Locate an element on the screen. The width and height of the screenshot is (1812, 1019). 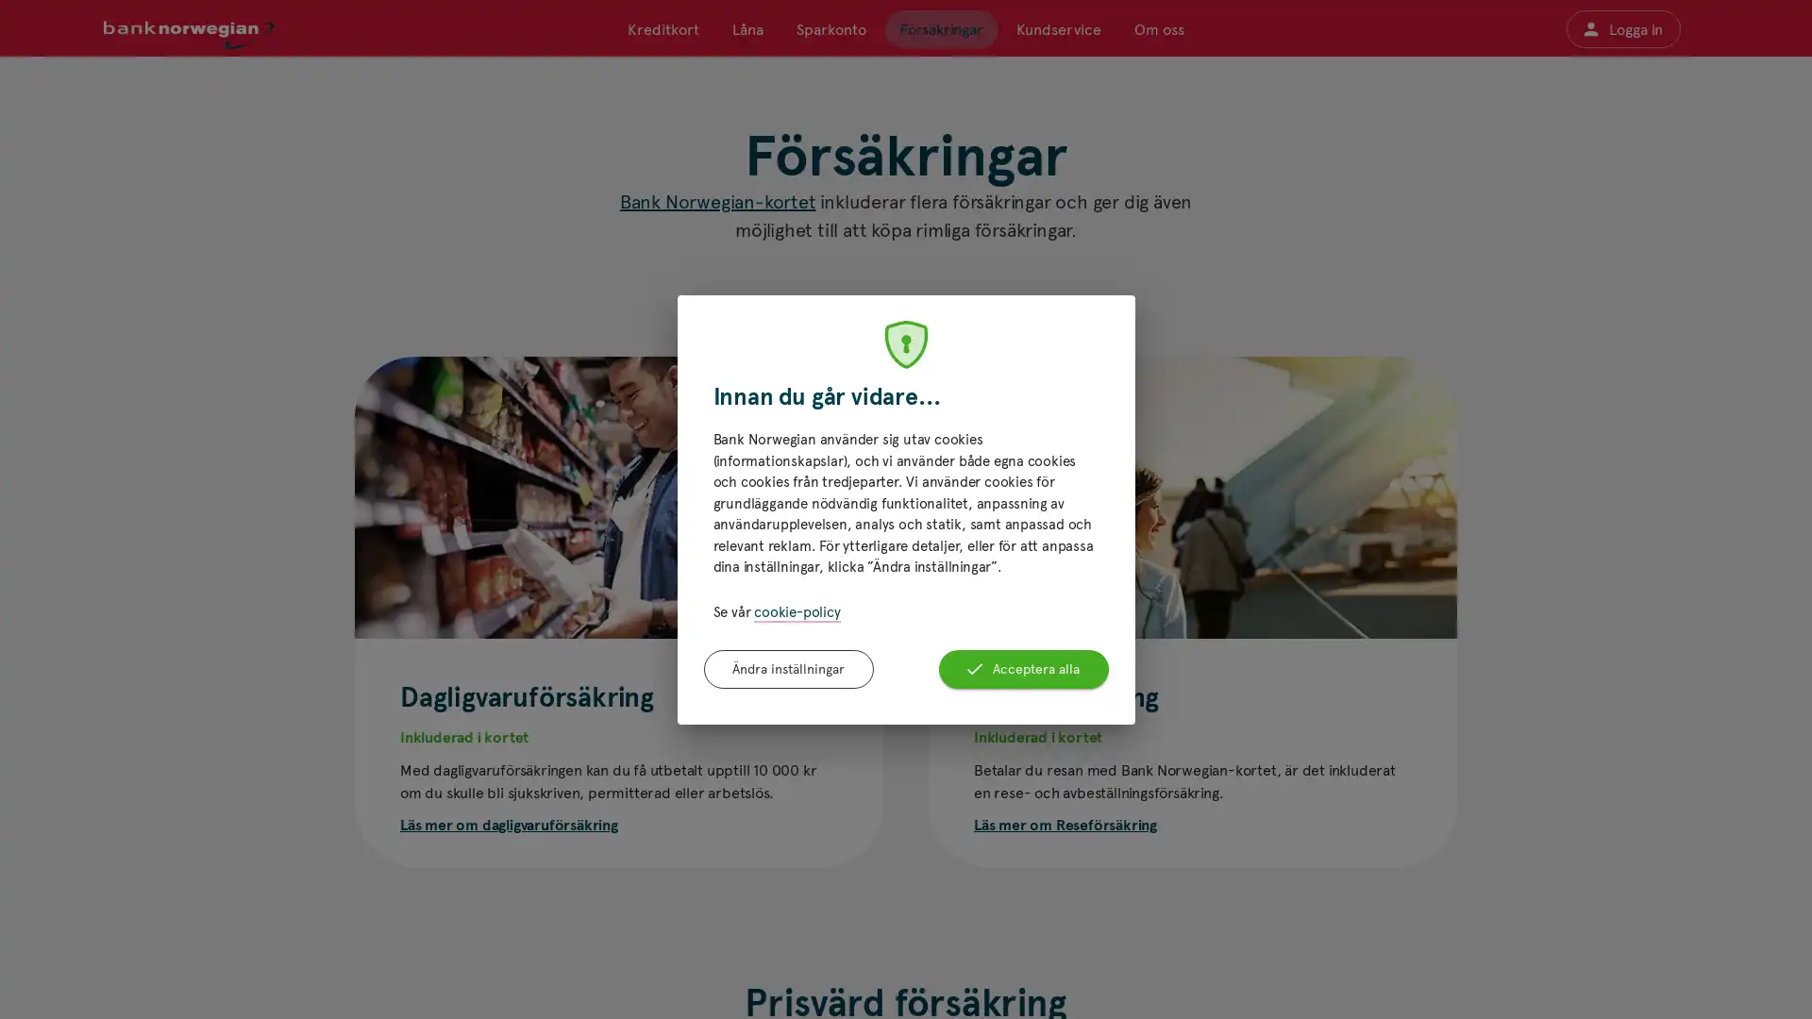
Acceptera alla is located at coordinates (1022, 668).